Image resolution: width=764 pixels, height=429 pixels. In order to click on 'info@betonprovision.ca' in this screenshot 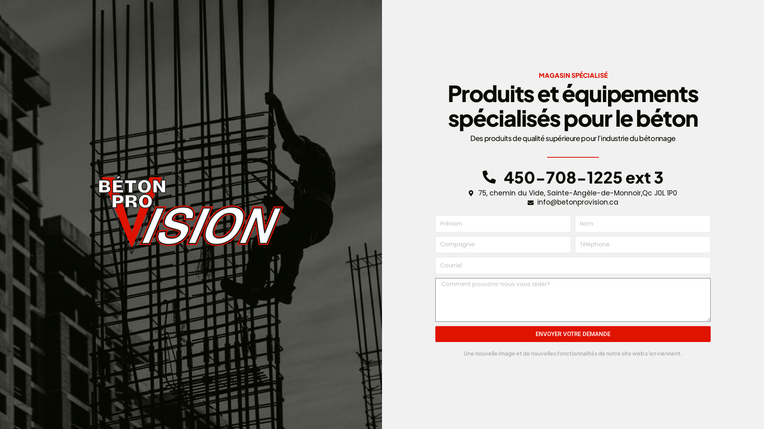, I will do `click(573, 202)`.